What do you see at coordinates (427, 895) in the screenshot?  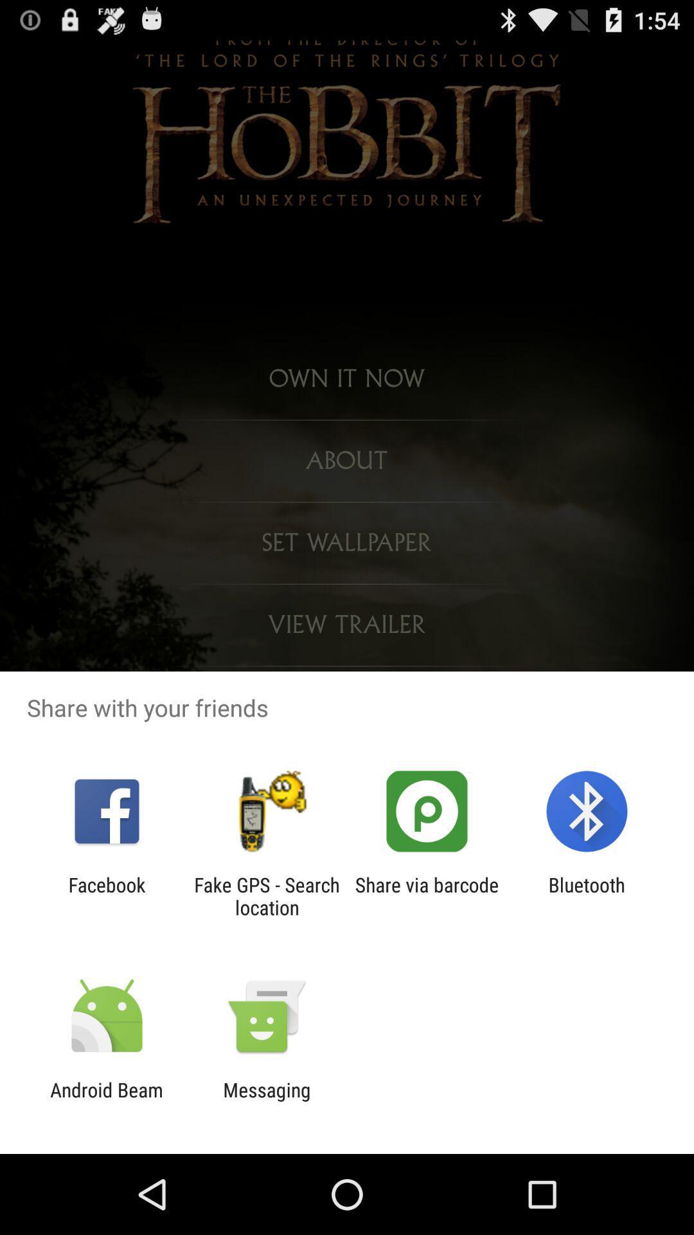 I see `app to the left of bluetooth` at bounding box center [427, 895].